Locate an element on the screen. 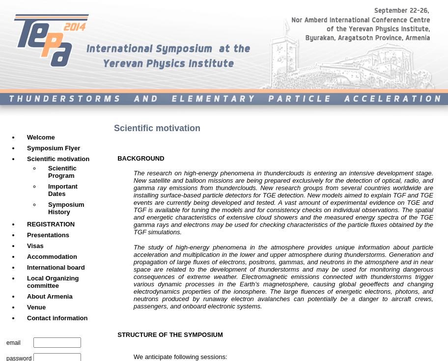  'Visas' is located at coordinates (34, 246).